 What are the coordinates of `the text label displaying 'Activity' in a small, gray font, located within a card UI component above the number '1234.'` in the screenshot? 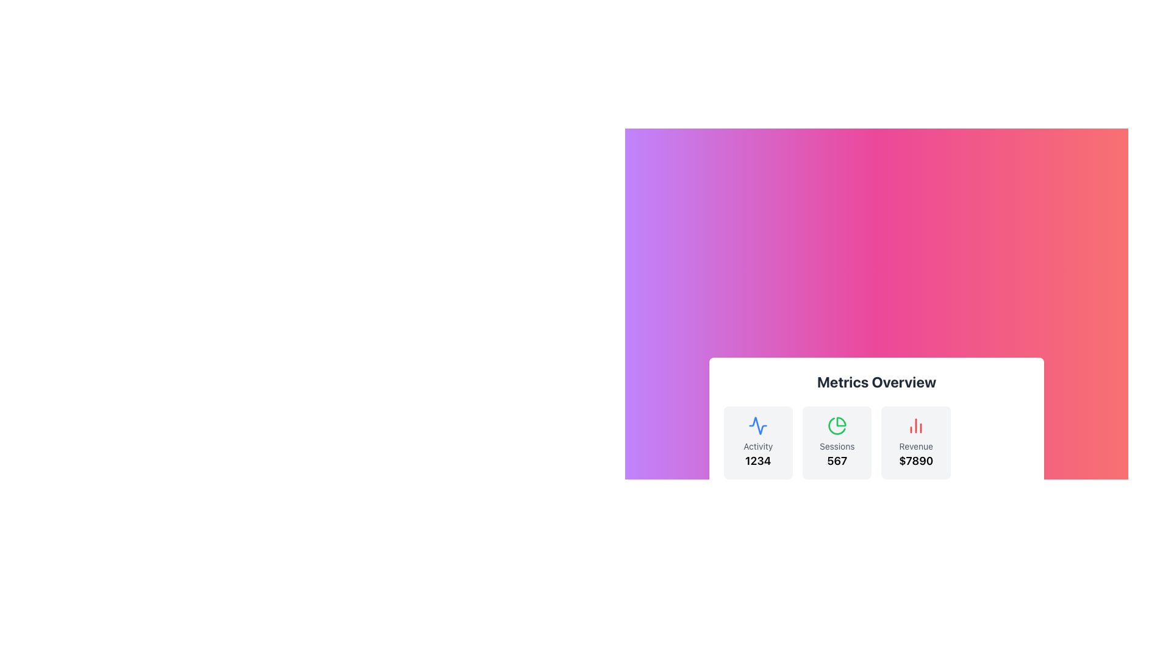 It's located at (757, 446).